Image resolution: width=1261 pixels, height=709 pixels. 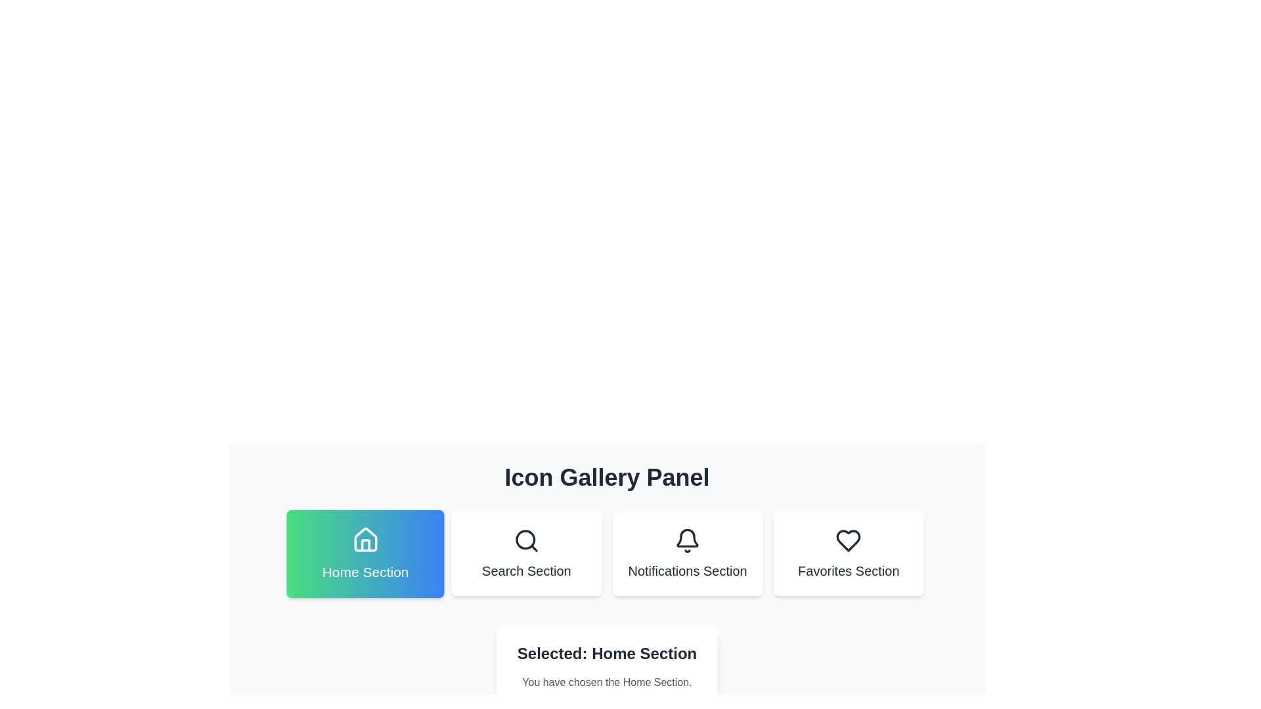 I want to click on the heart icon representing the 'Favorites Section', which is centrally located above the text label 'Favorites Section', so click(x=849, y=541).